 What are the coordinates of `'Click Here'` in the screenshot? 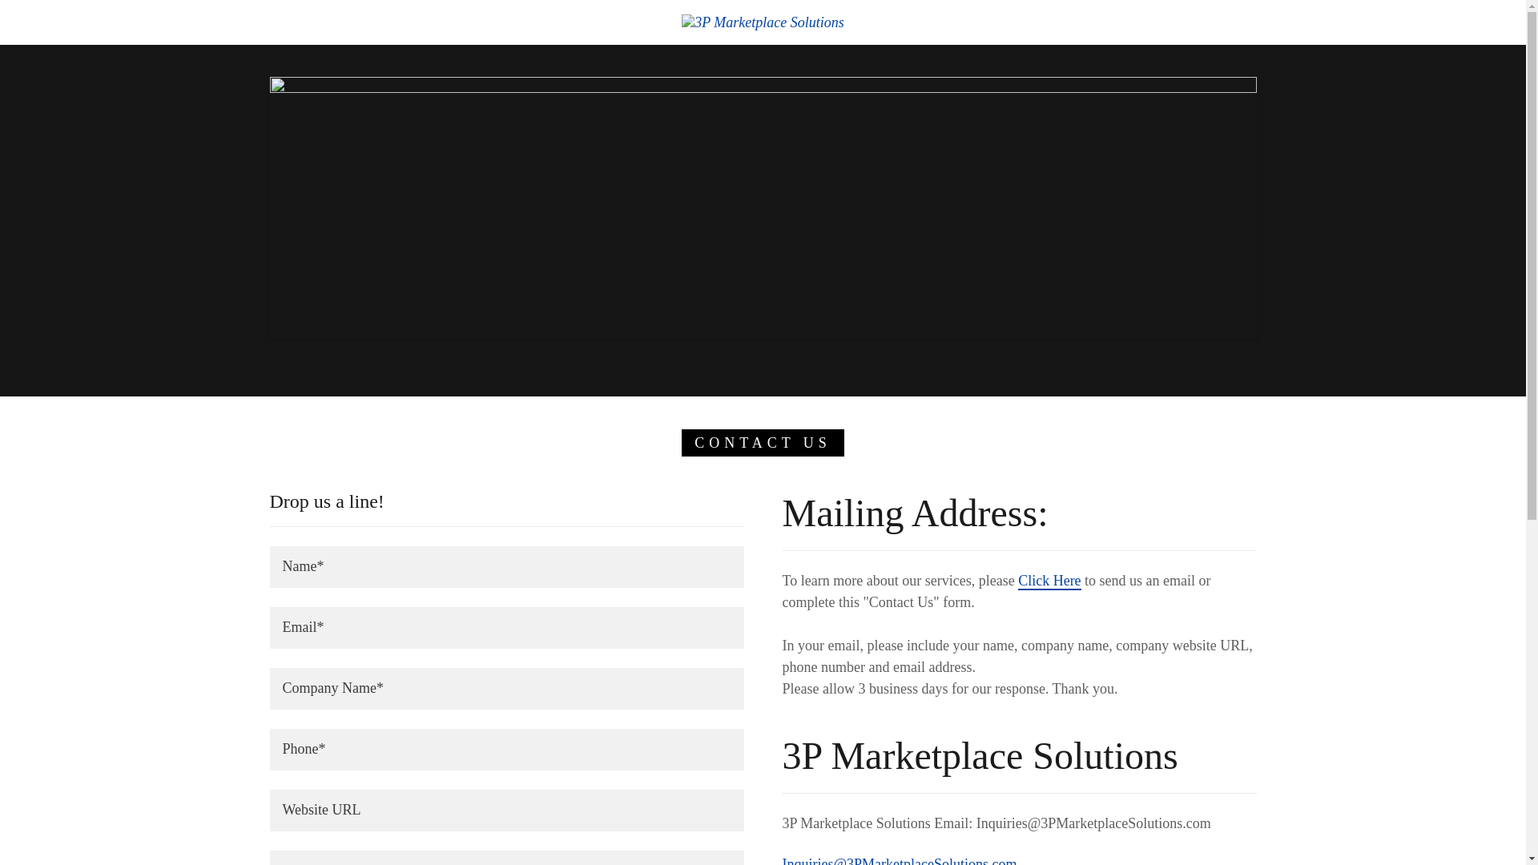 It's located at (1049, 581).